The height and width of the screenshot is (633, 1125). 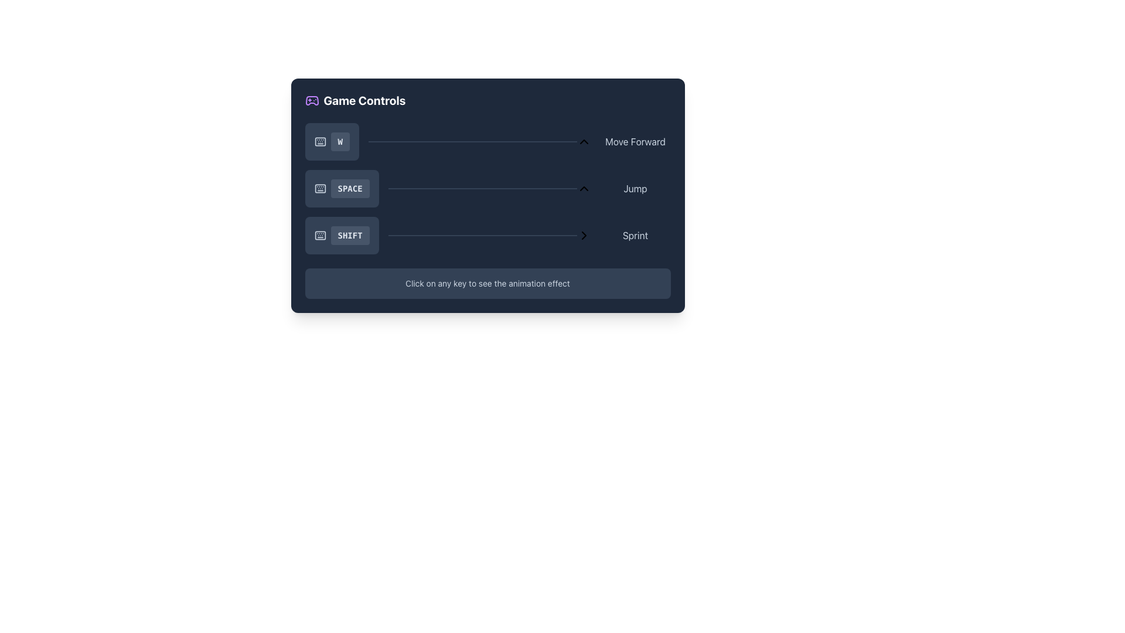 What do you see at coordinates (487, 283) in the screenshot?
I see `the instructional text label located at the bottom of the 'Game Controls' section, which guides the user about triggering an animation effect through key presses` at bounding box center [487, 283].